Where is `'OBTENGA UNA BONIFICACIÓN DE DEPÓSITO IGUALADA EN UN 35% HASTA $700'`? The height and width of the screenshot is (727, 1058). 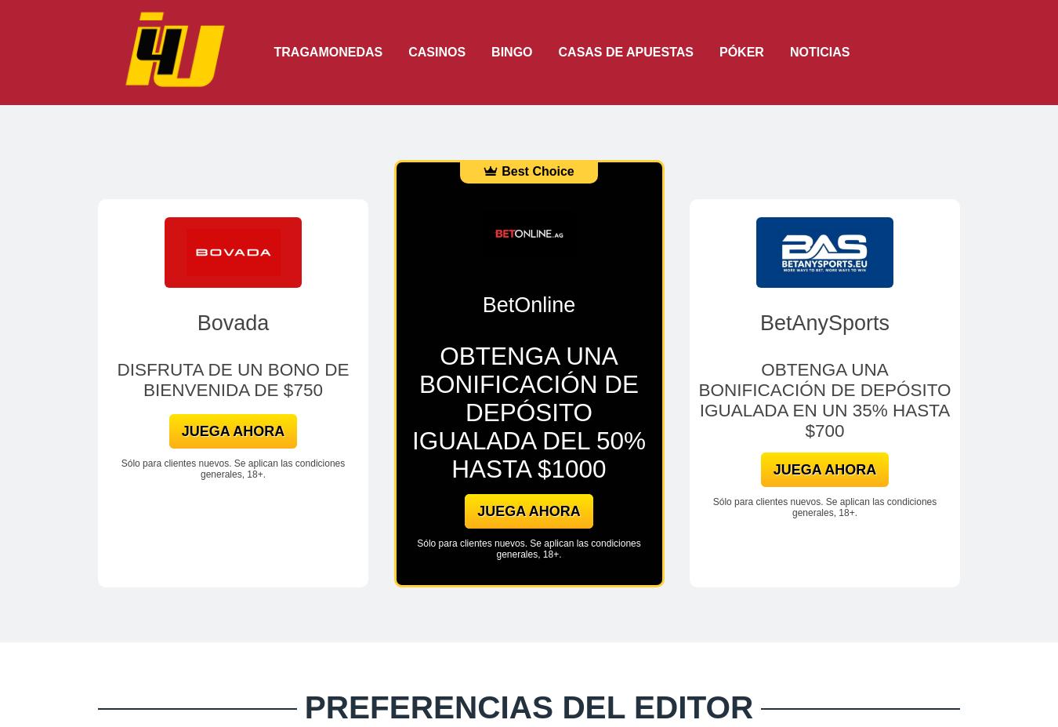
'OBTENGA UNA BONIFICACIÓN DE DEPÓSITO IGUALADA EN UN 35% HASTA $700' is located at coordinates (824, 400).